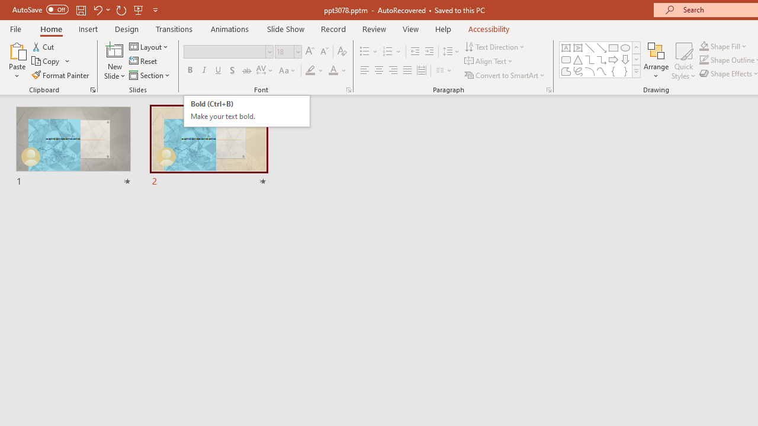 The width and height of the screenshot is (758, 426). What do you see at coordinates (548, 89) in the screenshot?
I see `'Paragraph...'` at bounding box center [548, 89].